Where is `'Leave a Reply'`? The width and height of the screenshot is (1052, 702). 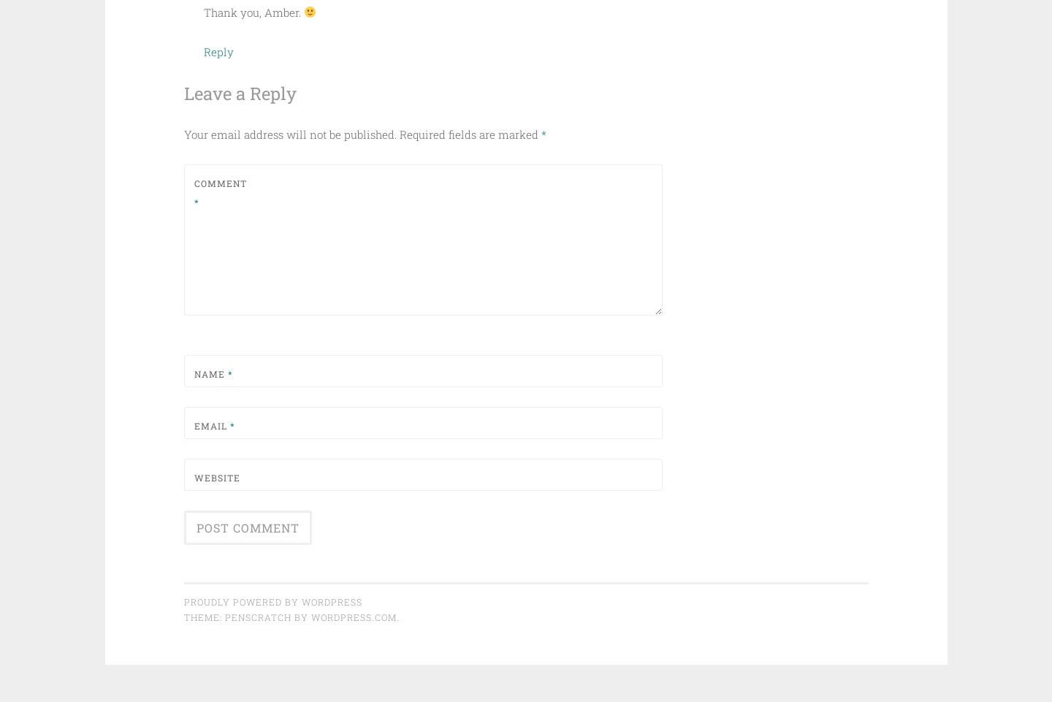 'Leave a Reply' is located at coordinates (240, 92).